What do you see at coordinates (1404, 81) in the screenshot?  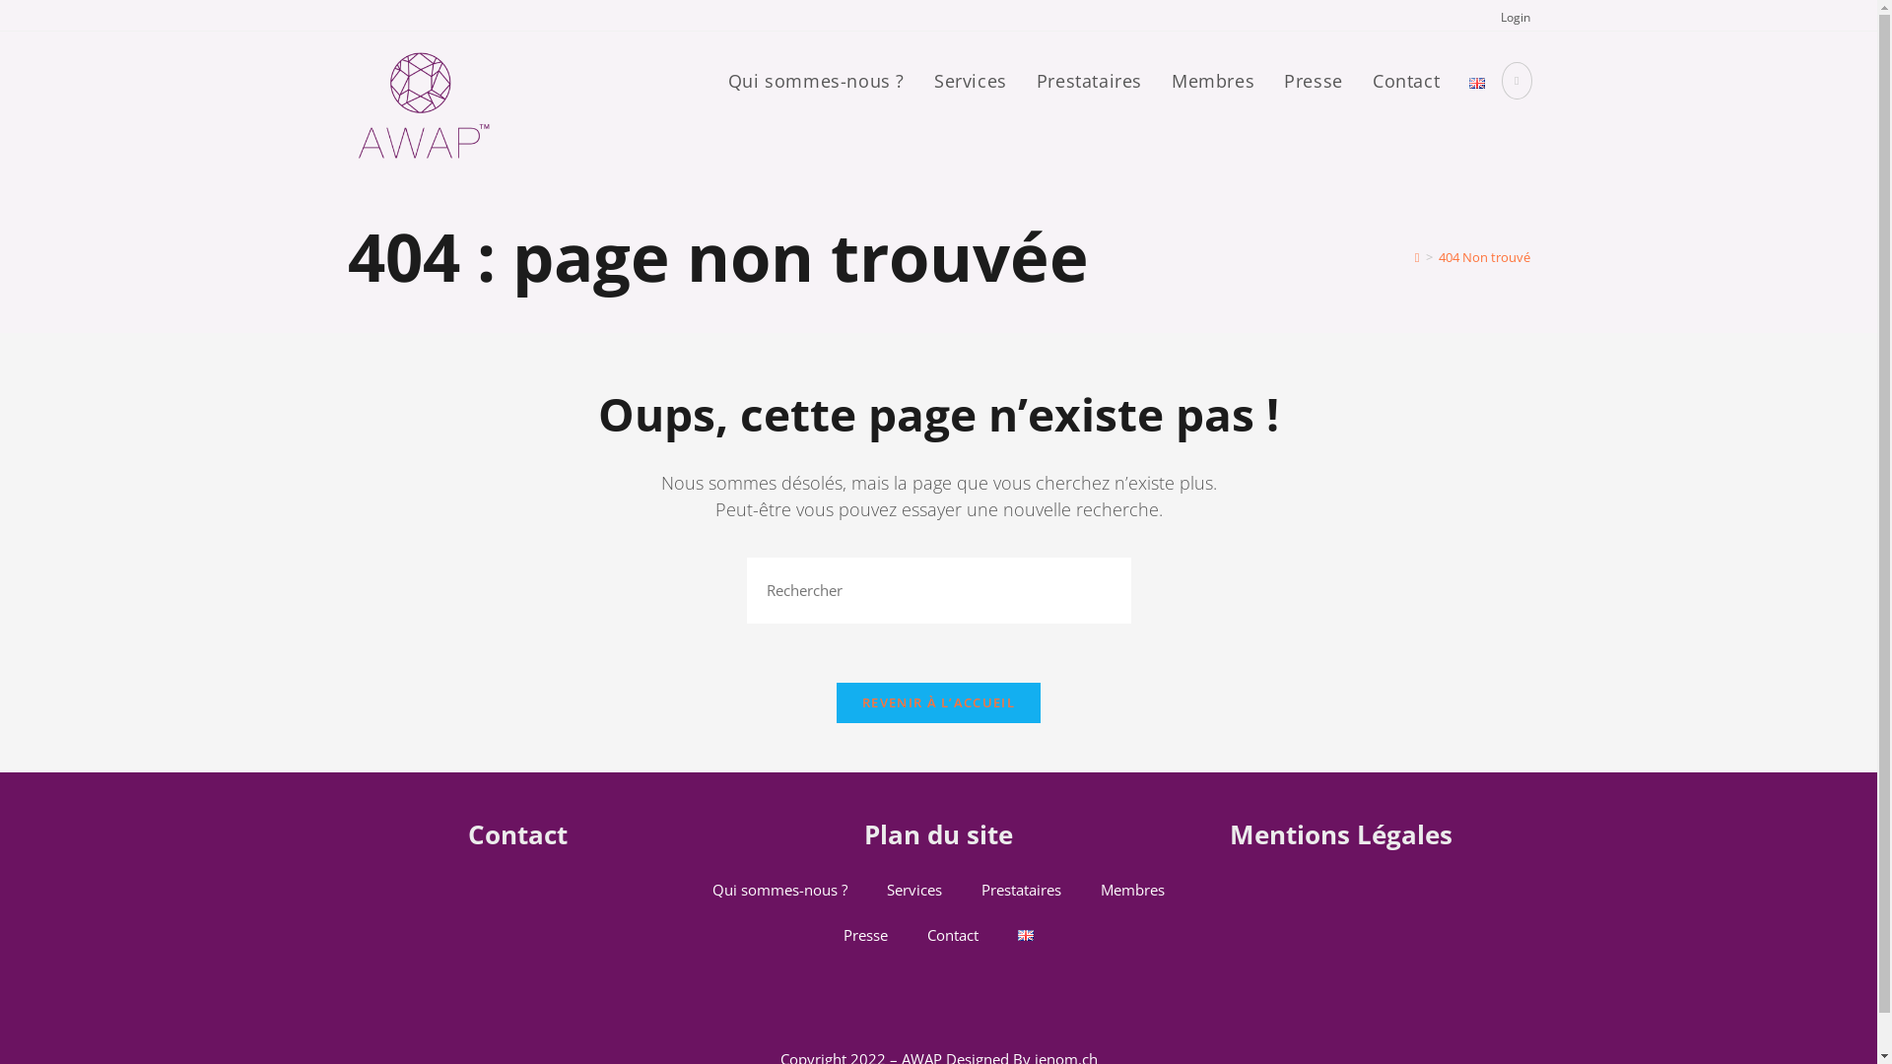 I see `'Contact'` at bounding box center [1404, 81].